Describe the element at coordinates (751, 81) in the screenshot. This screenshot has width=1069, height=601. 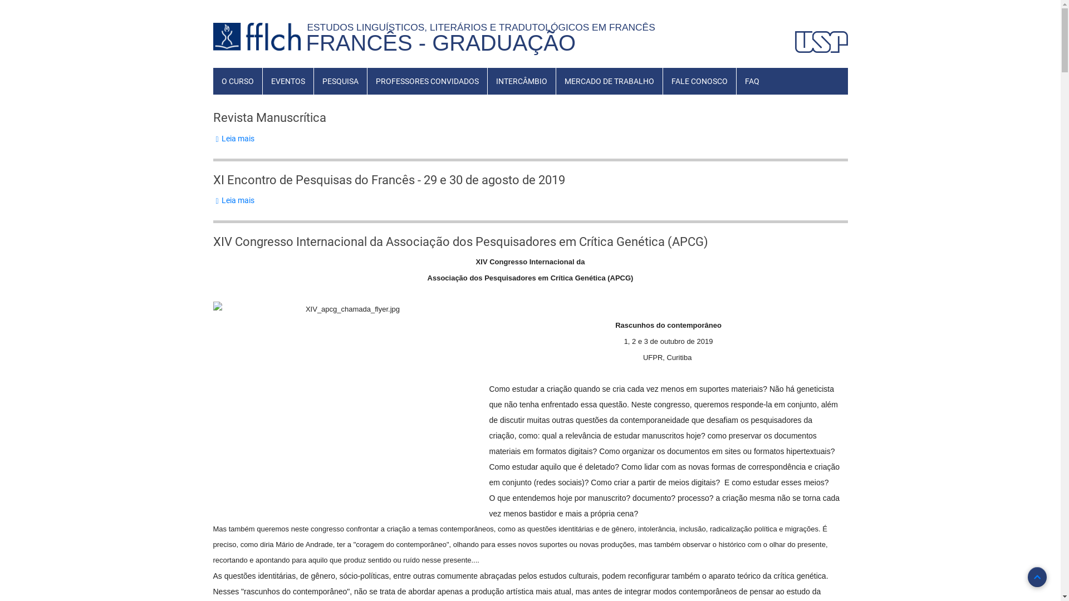
I see `'FAQ'` at that location.